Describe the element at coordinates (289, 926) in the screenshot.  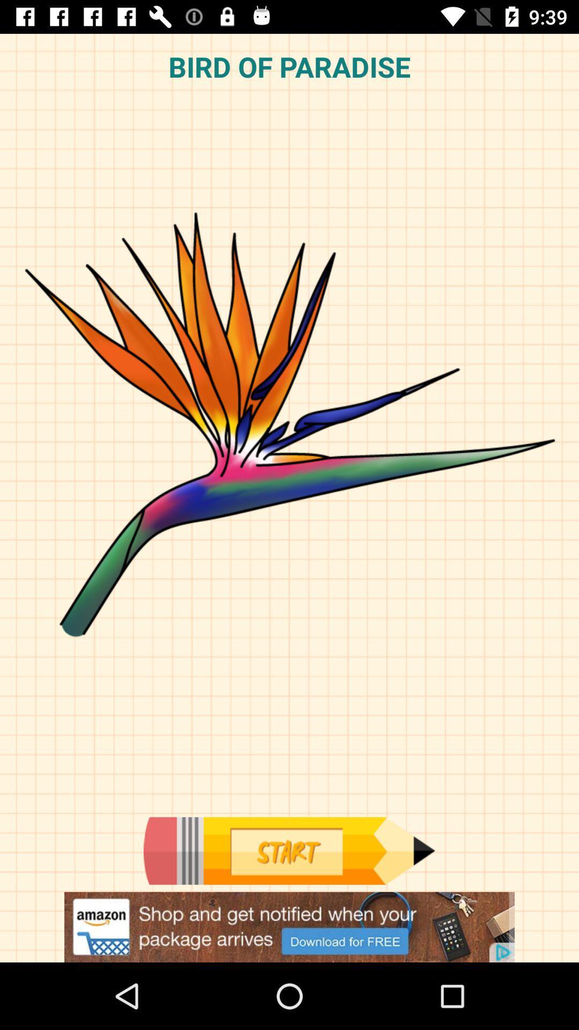
I see `click download for free` at that location.